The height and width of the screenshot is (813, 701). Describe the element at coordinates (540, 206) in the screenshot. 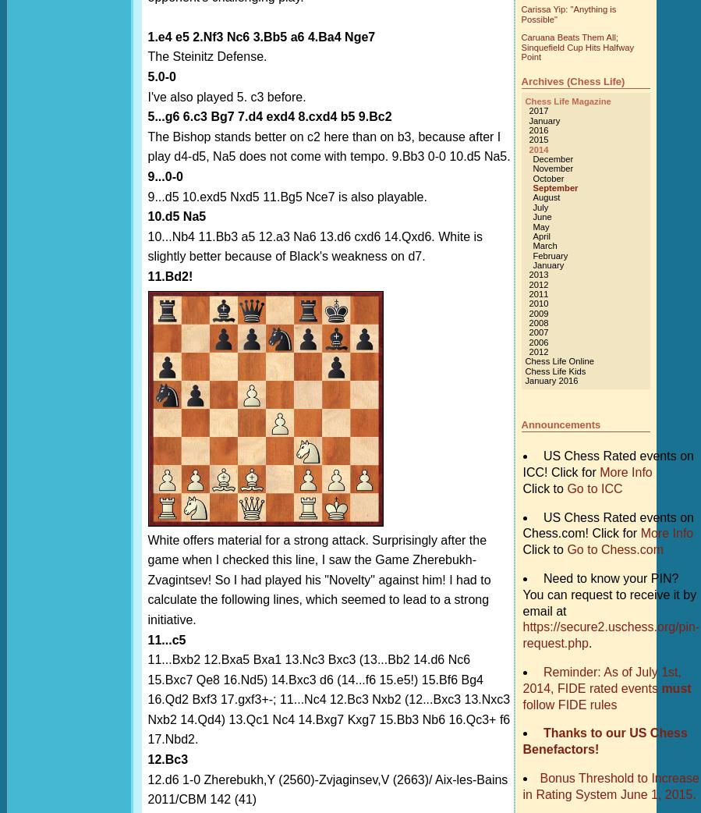

I see `'July'` at that location.